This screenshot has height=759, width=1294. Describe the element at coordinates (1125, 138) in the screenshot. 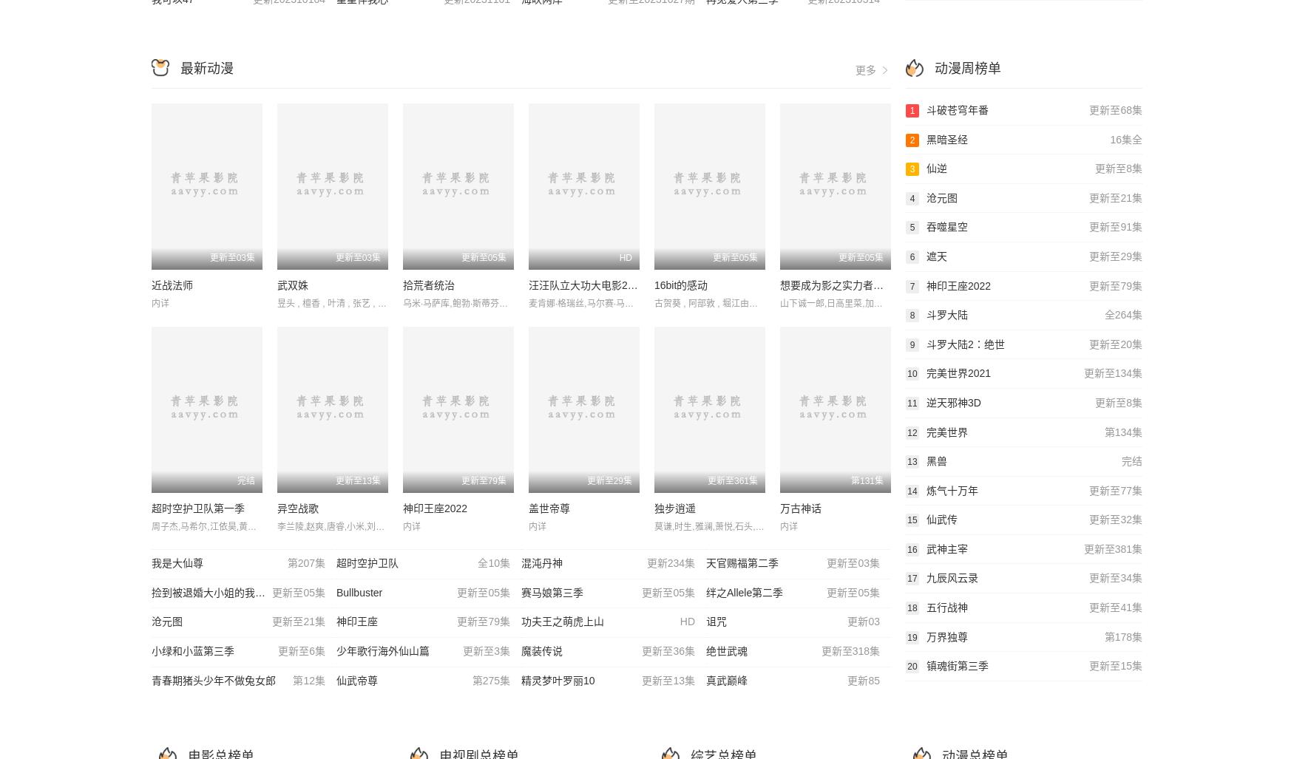

I see `'16集全'` at that location.